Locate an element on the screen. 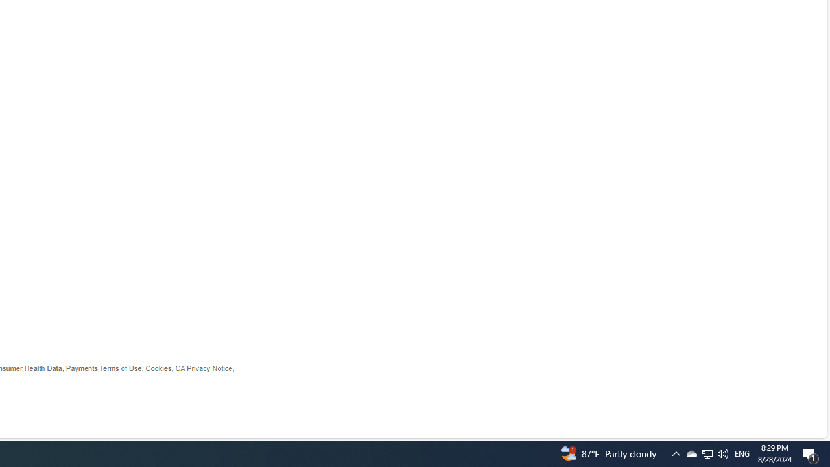 The height and width of the screenshot is (467, 830). 'CA Privacy Notice' is located at coordinates (203, 368).